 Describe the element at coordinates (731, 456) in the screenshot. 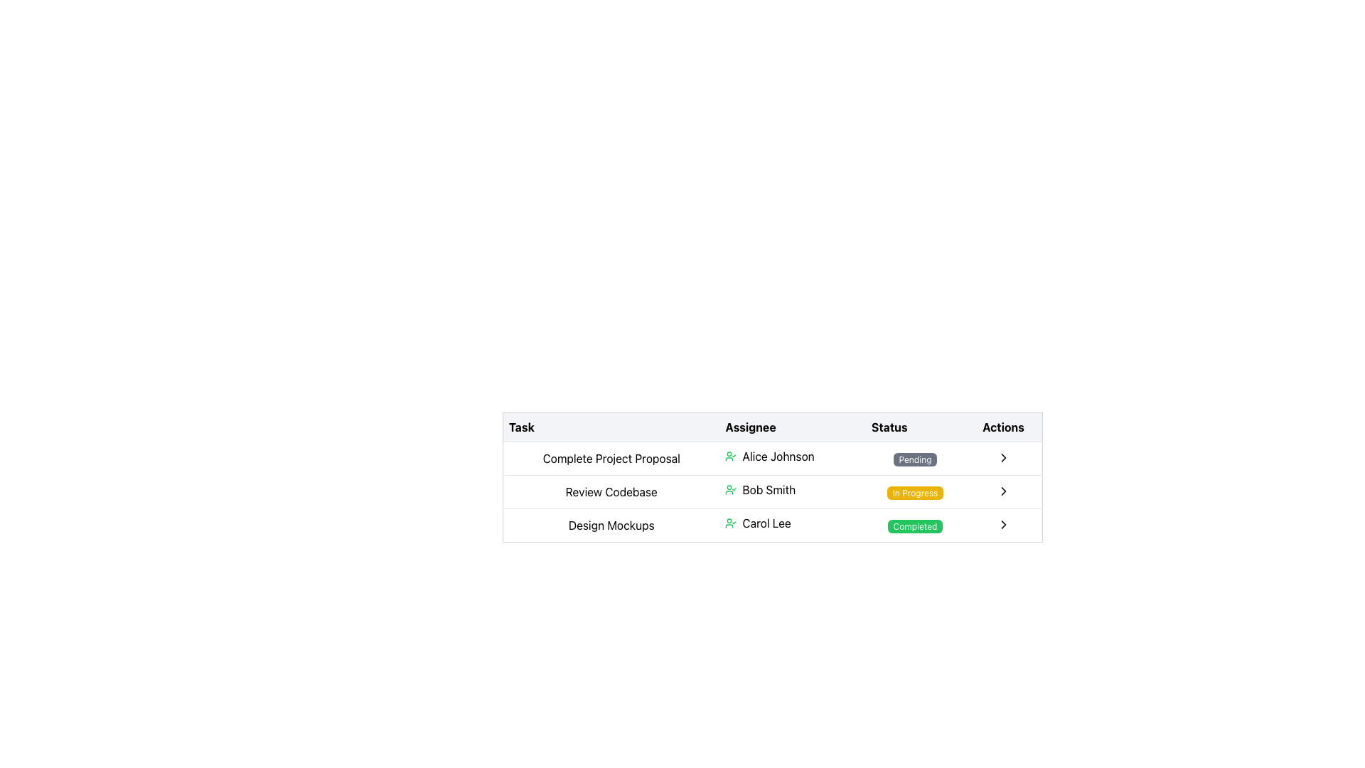

I see `the verification icon for Alice Johnson located in the 'Assignee' column of the first task row in the table` at that location.